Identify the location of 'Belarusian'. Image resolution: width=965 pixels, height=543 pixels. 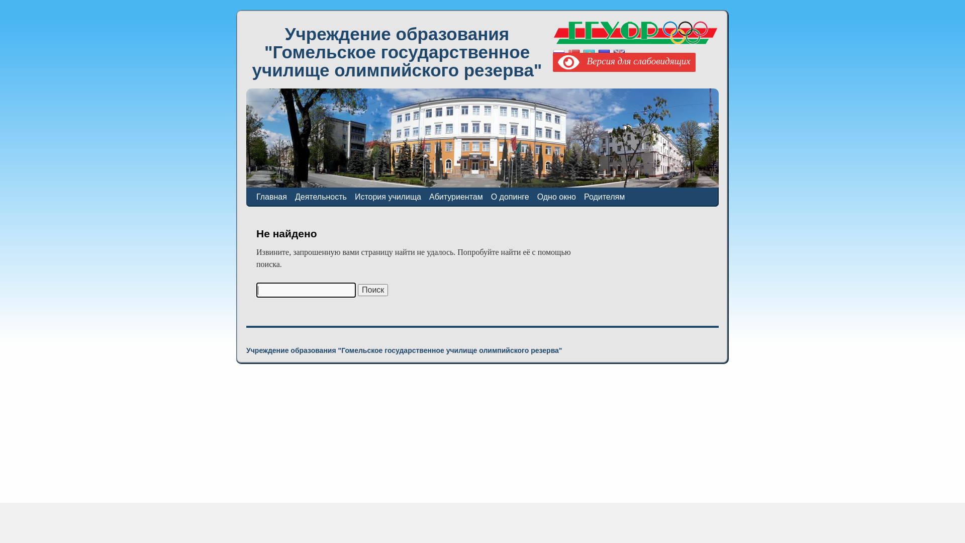
(567, 54).